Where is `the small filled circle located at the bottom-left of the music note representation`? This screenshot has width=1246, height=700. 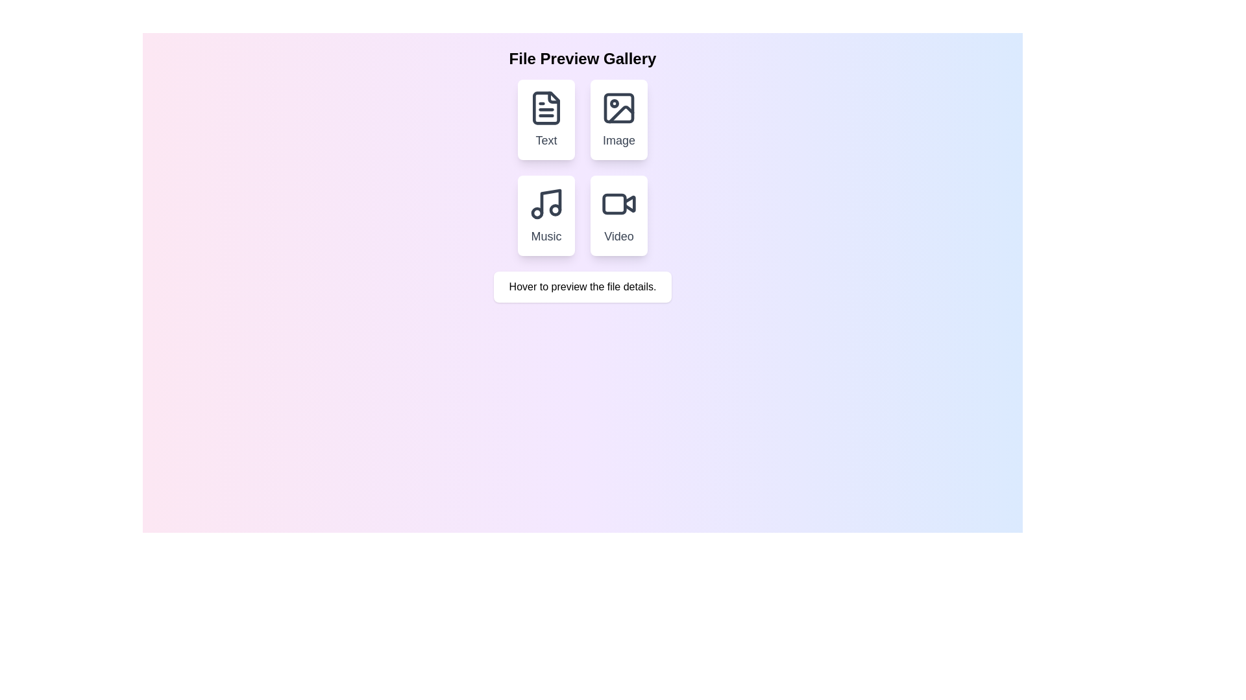 the small filled circle located at the bottom-left of the music note representation is located at coordinates (537, 212).